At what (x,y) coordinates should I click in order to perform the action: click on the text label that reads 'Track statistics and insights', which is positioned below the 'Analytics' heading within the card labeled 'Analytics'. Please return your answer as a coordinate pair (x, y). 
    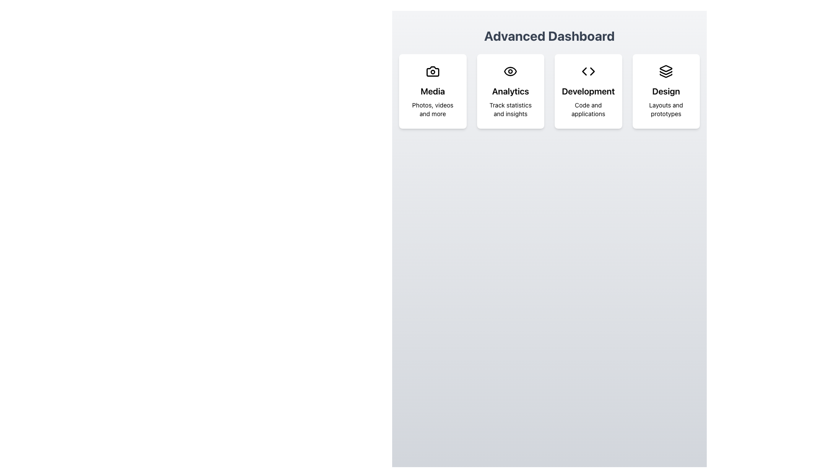
    Looking at the image, I should click on (510, 109).